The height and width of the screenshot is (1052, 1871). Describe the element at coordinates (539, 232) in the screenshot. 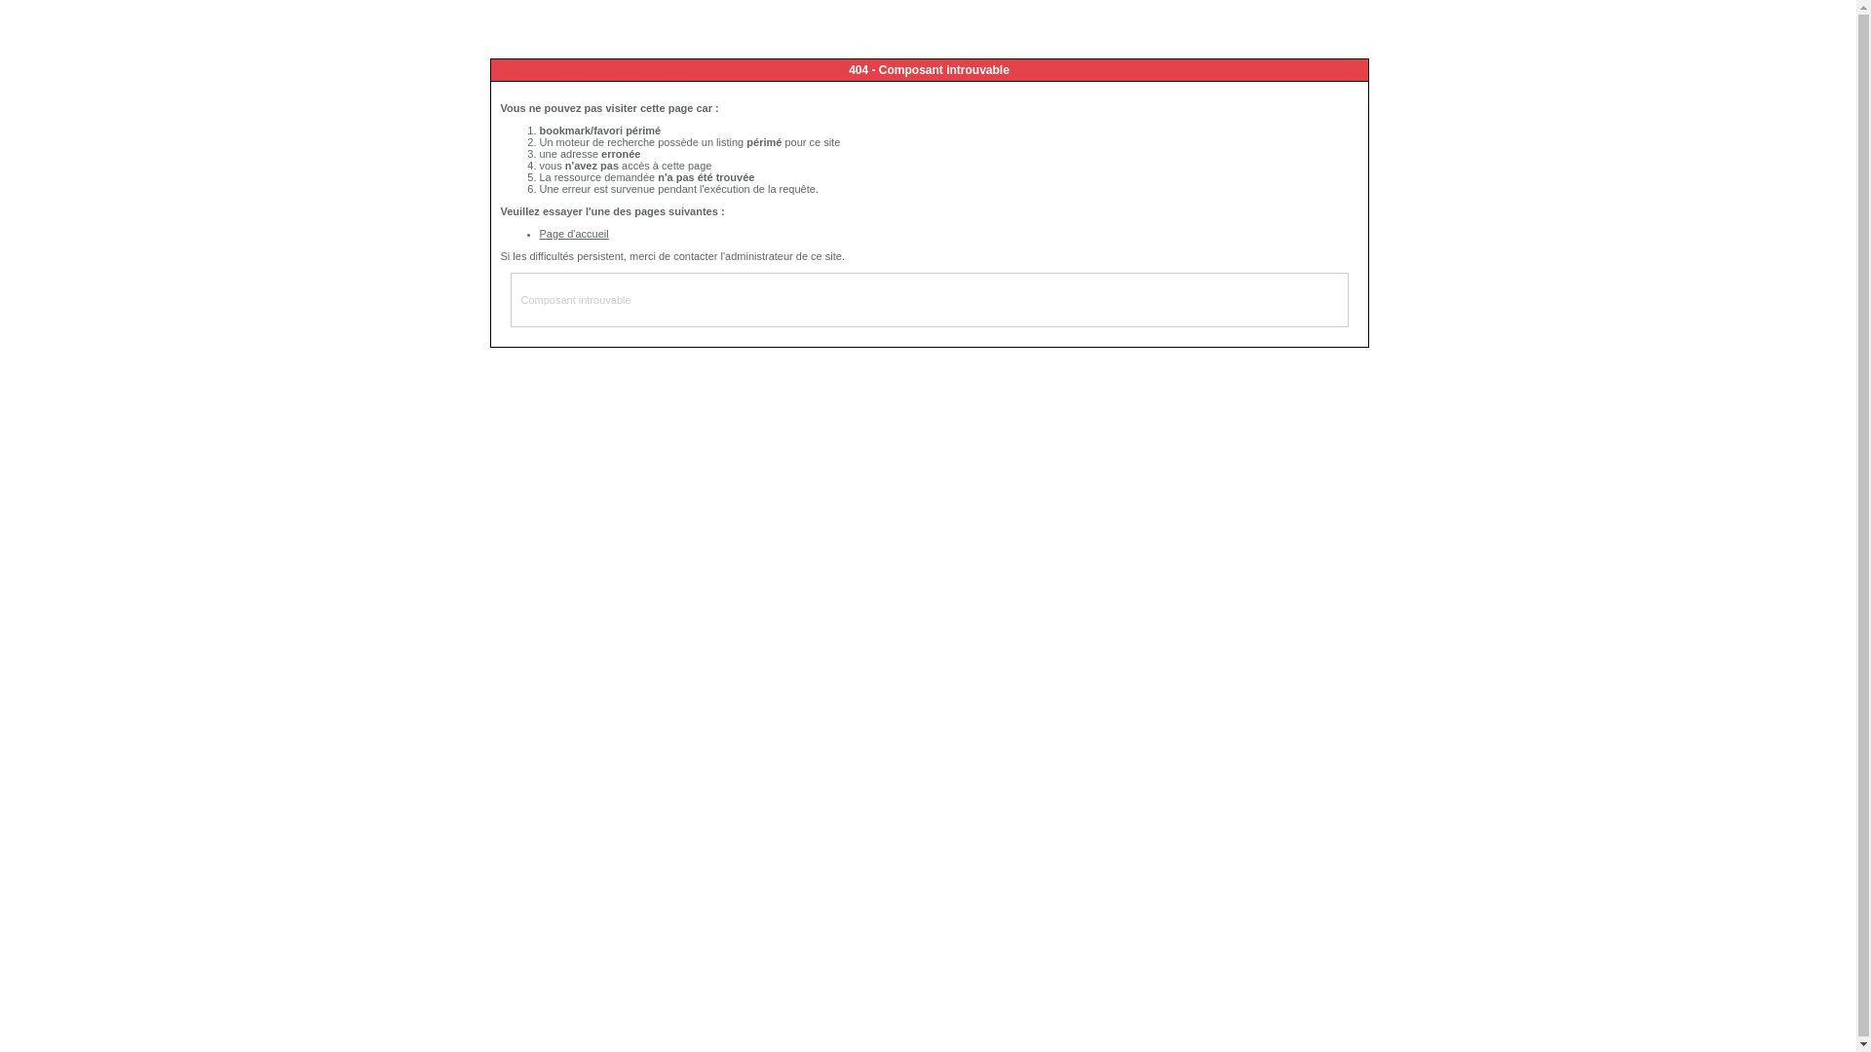

I see `'Page d'accueil'` at that location.